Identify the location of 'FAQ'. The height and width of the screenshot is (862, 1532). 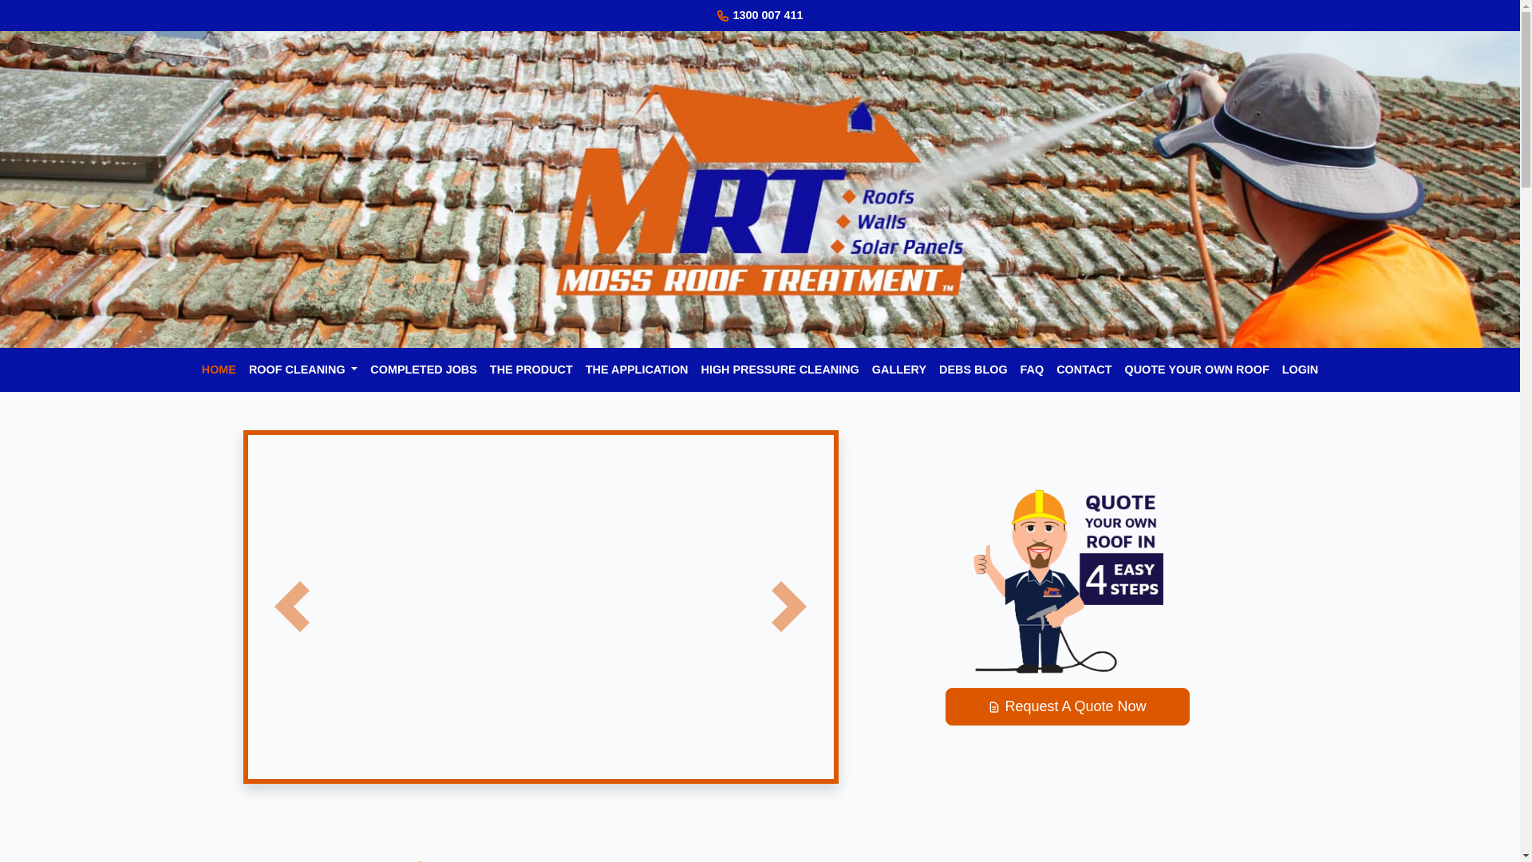
(1033, 370).